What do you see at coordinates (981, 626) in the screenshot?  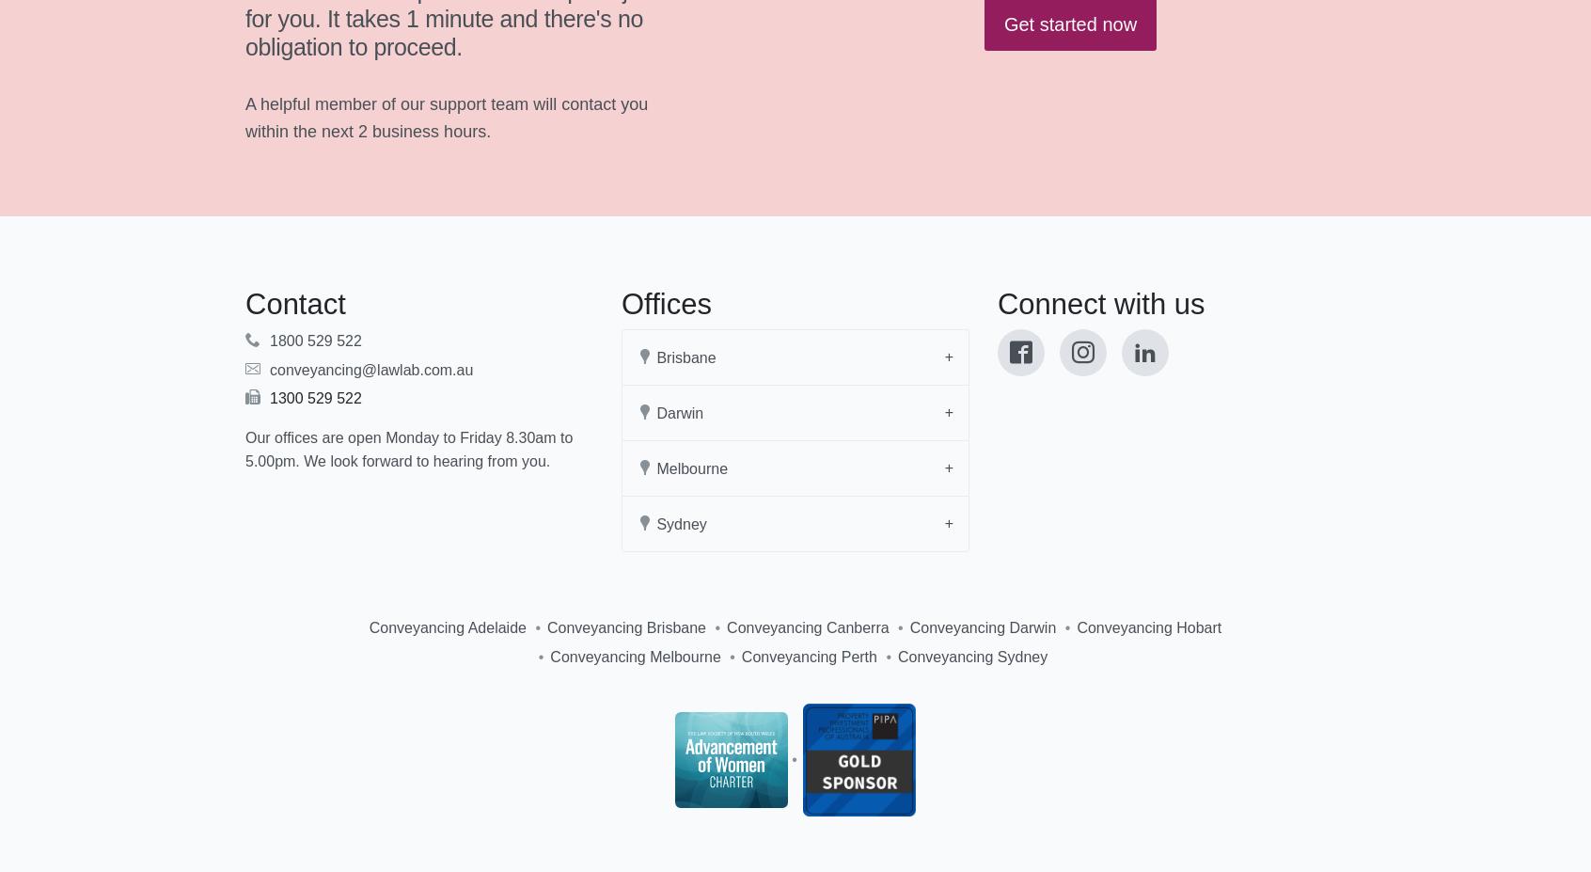 I see `'Conveyancing Darwin'` at bounding box center [981, 626].